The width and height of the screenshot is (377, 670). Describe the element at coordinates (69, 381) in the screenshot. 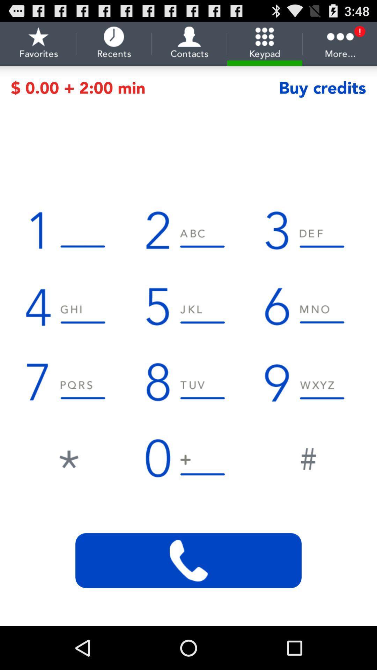

I see `numeric 7 from dial pad of the page` at that location.